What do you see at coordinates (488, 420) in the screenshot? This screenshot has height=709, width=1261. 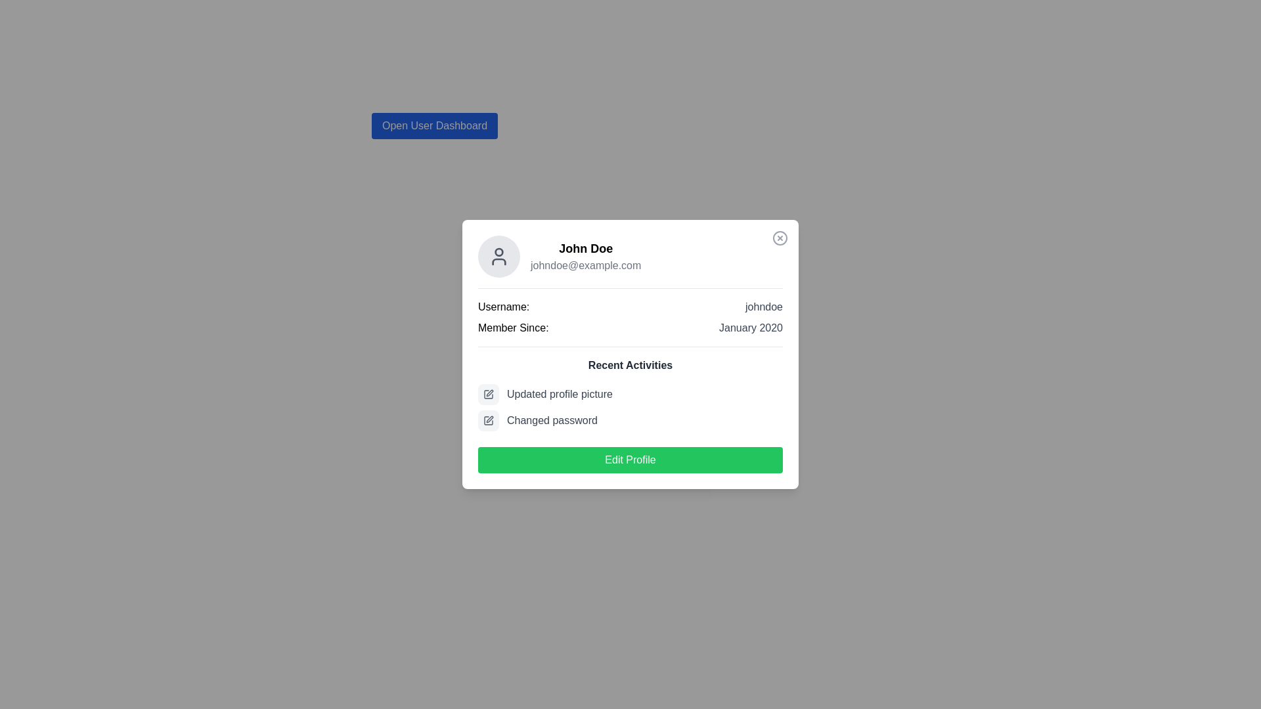 I see `the rectangular icon with a pen and square motif, styled as an outline, located to the left of the 'Updated profile picture' text line in the recent activities section of the user card` at bounding box center [488, 420].